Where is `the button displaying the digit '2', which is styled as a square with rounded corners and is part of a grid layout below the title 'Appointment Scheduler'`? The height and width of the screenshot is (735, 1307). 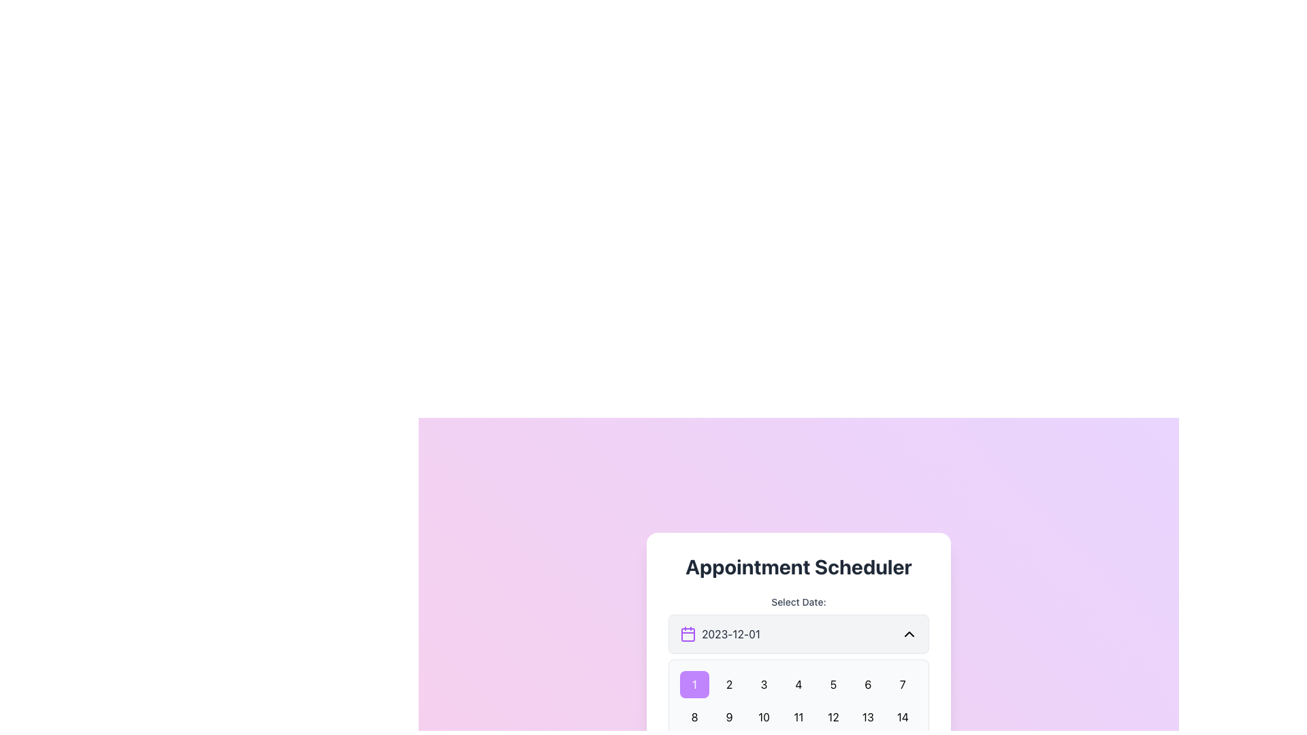
the button displaying the digit '2', which is styled as a square with rounded corners and is part of a grid layout below the title 'Appointment Scheduler' is located at coordinates (728, 685).